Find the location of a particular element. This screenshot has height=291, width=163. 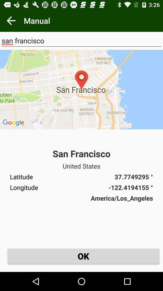

previous is located at coordinates (11, 21).